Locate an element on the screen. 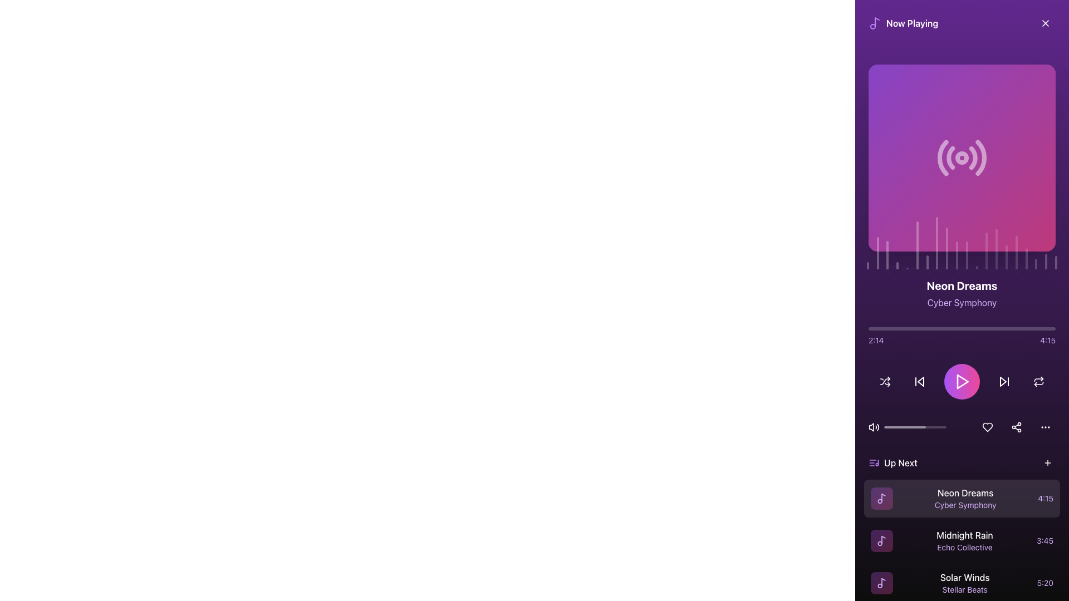  the music note icon located to the left of the track name 'Solar Winds' in the 'Up Next' list of the music player interface is located at coordinates (881, 583).